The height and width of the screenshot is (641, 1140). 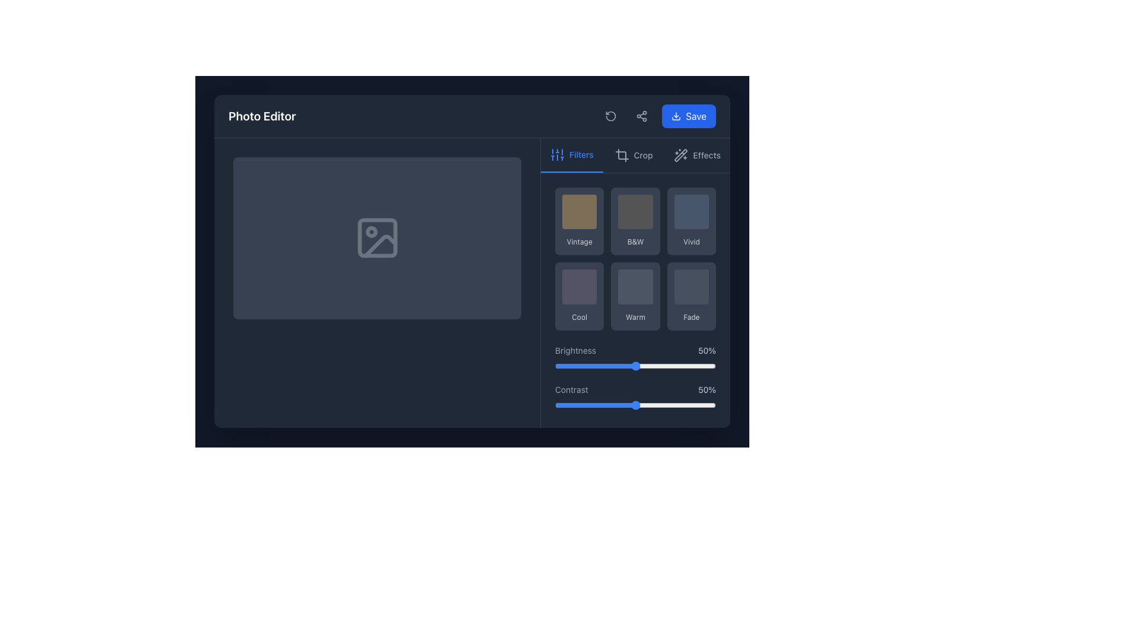 What do you see at coordinates (707, 155) in the screenshot?
I see `the 'Effects' tab, which is the third item in the top-right navigation bar of the photo editing tool, following 'Filters' and 'Crop'` at bounding box center [707, 155].